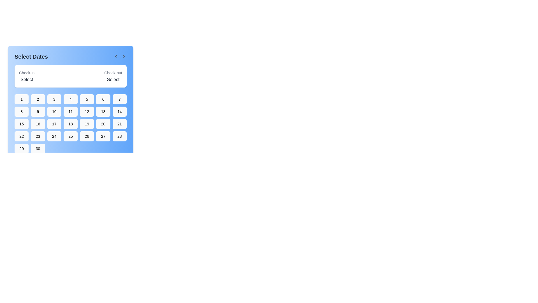  What do you see at coordinates (103, 124) in the screenshot?
I see `the button labeled '20' with a light gray background and rounded edges located` at bounding box center [103, 124].